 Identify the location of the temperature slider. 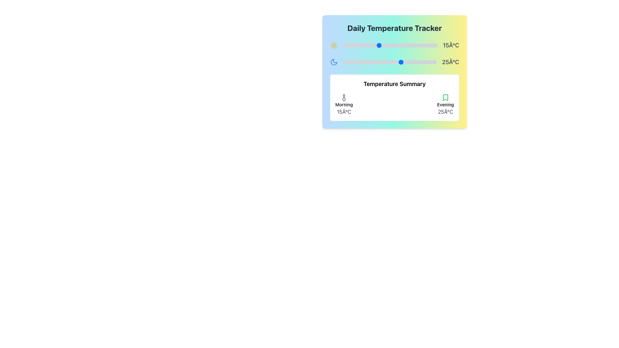
(423, 45).